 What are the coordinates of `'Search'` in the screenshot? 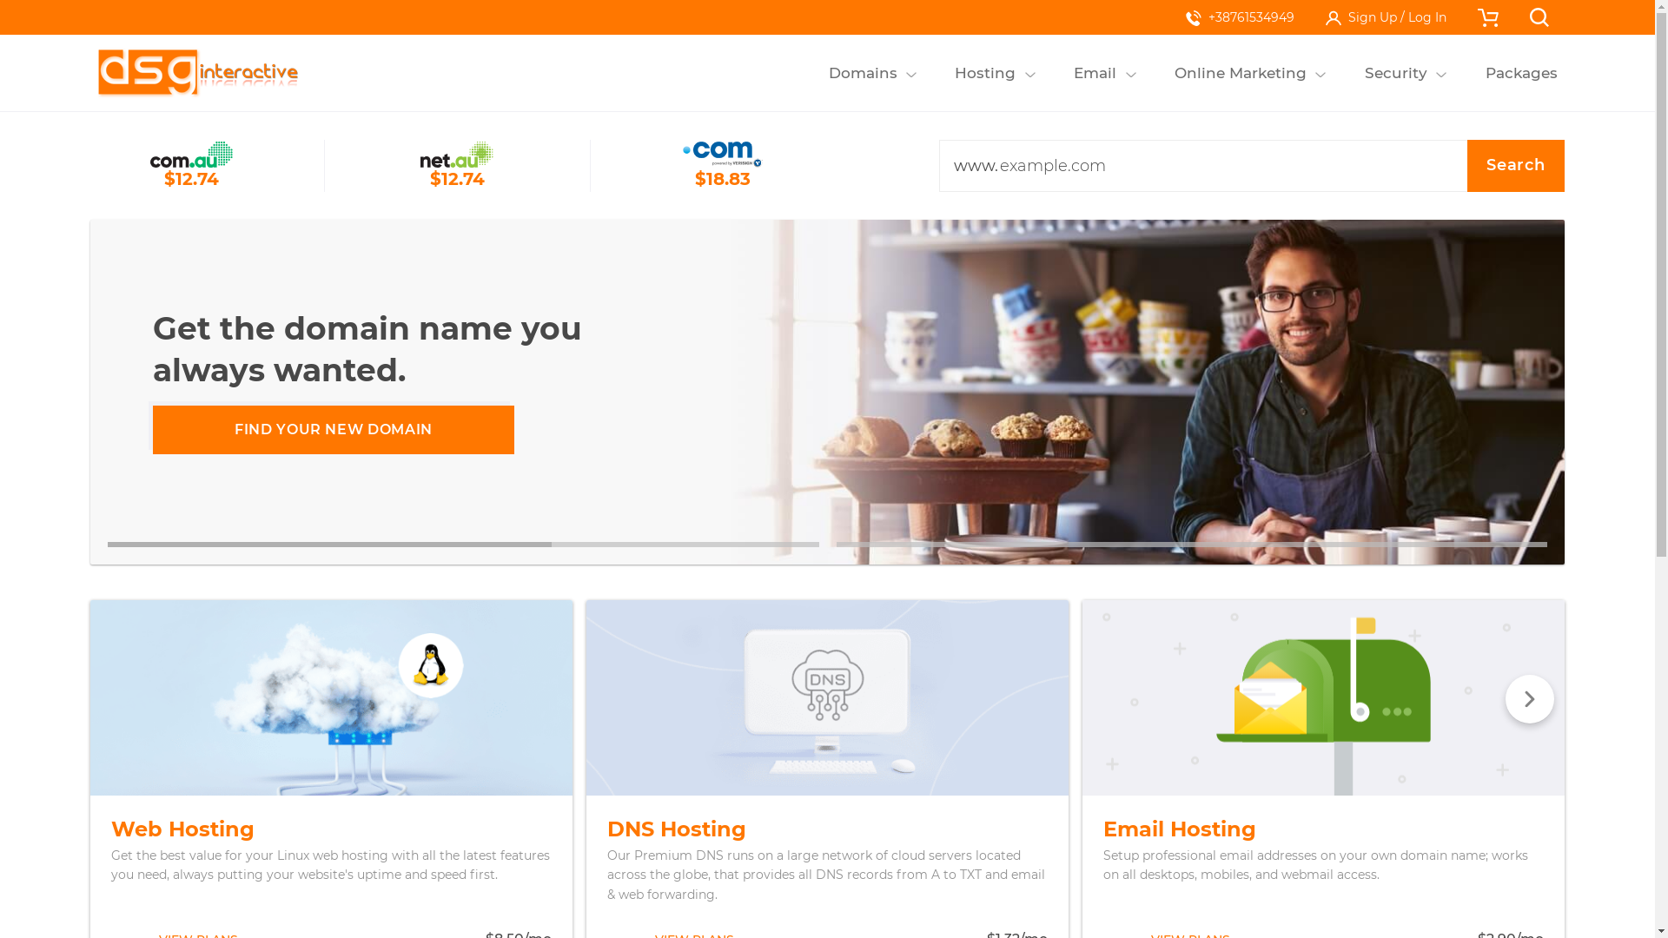 It's located at (1466, 166).